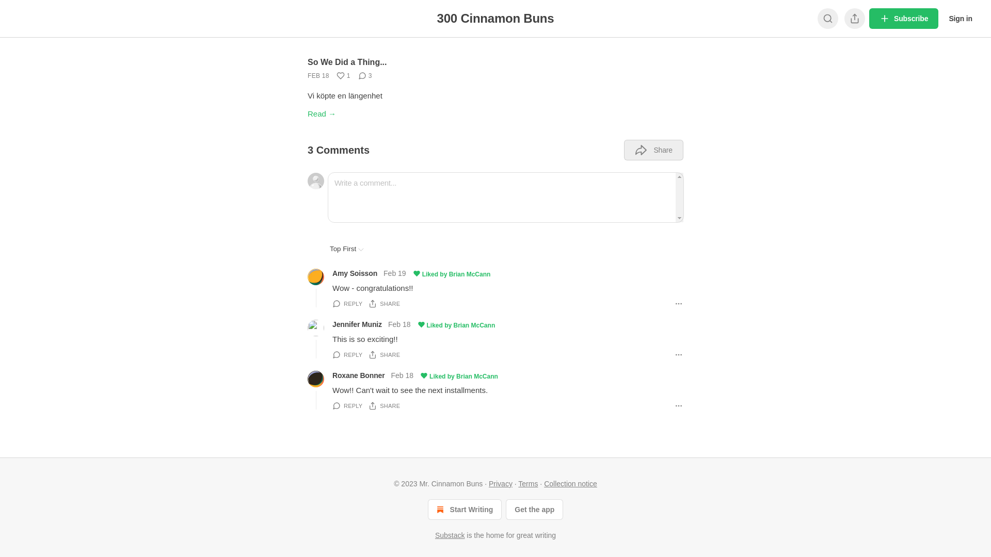  Describe the element at coordinates (505, 509) in the screenshot. I see `'Get the app'` at that location.